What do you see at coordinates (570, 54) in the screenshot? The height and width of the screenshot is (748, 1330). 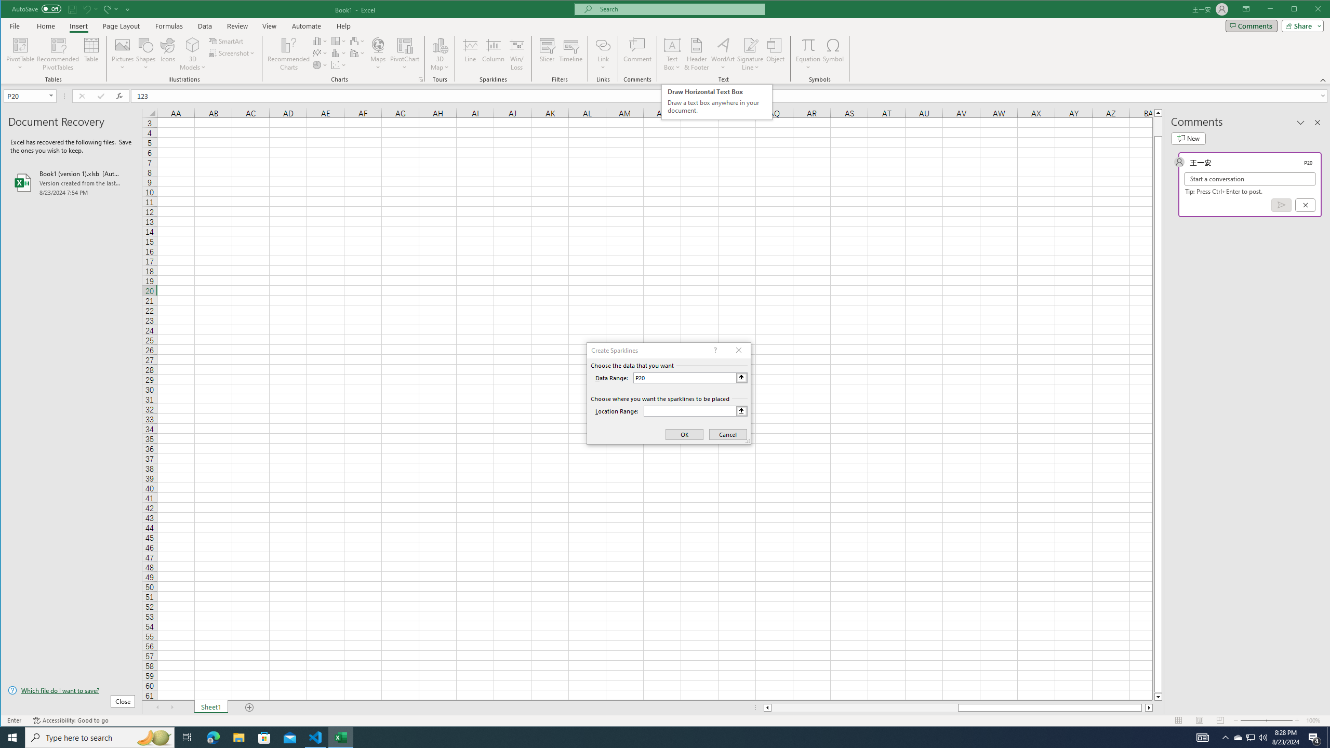 I see `'Timeline'` at bounding box center [570, 54].